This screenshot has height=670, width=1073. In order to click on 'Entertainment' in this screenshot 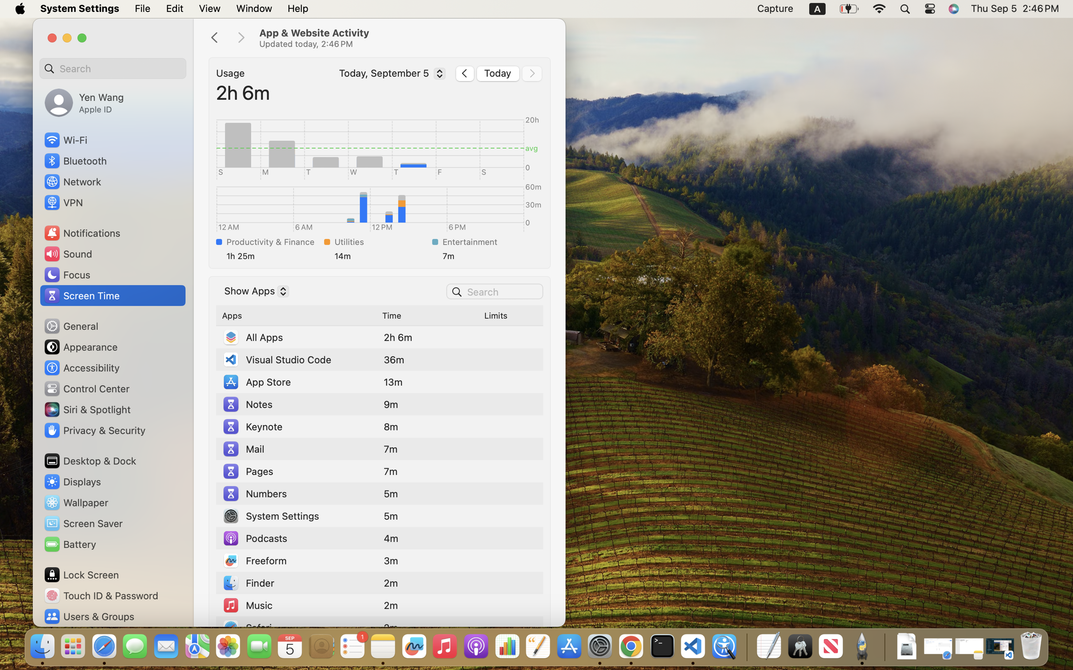, I will do `click(490, 241)`.